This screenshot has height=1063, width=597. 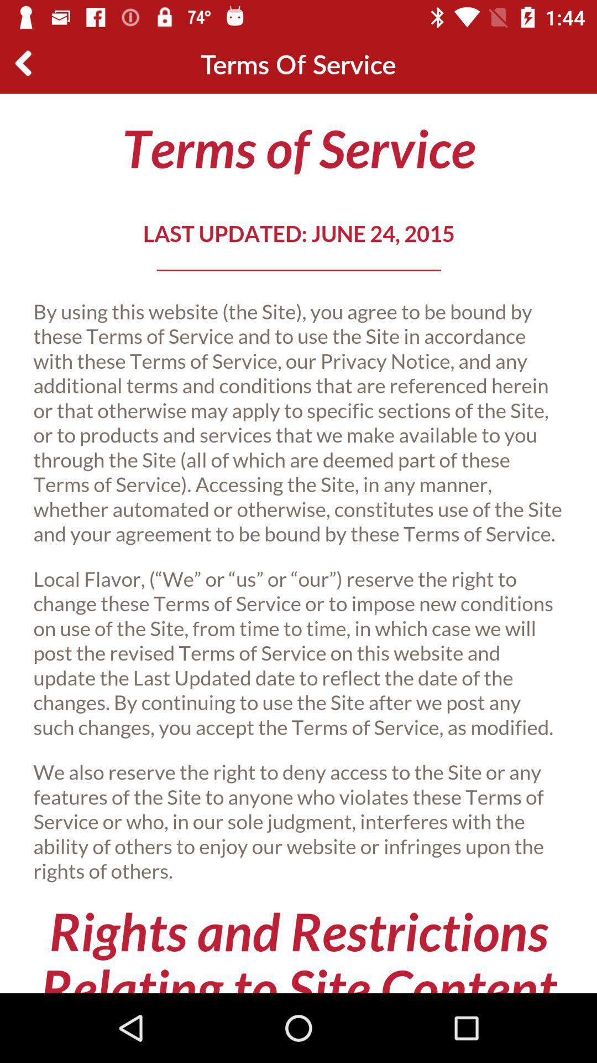 I want to click on scroll to read information in the box, so click(x=298, y=543).